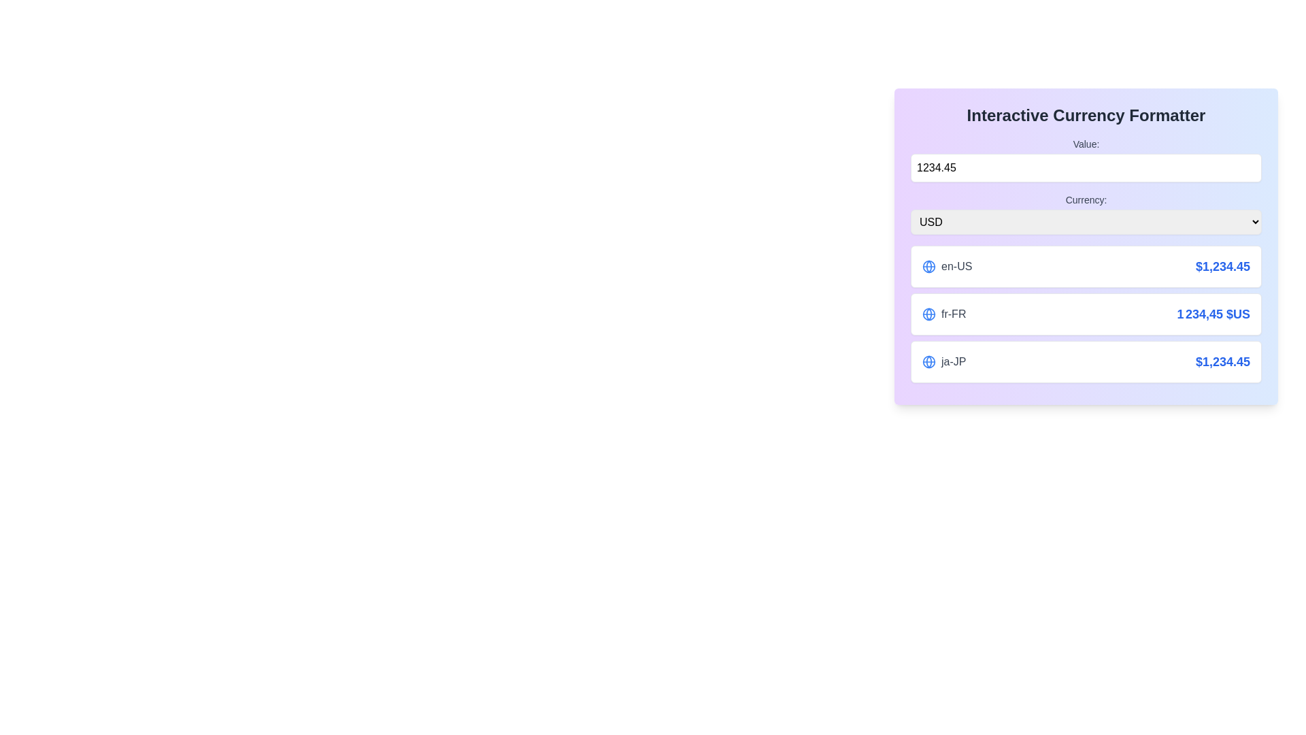 The height and width of the screenshot is (735, 1306). Describe the element at coordinates (928, 361) in the screenshot. I see `or tab to the language setting icon located to the left of the 'ja-JP' text in the third list item of the language-region options` at that location.